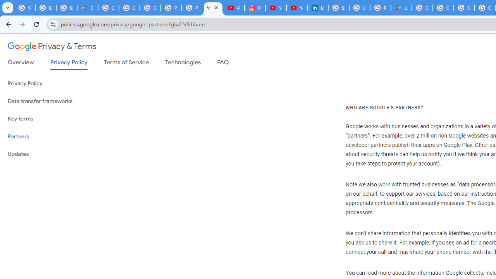 Image resolution: width=496 pixels, height=279 pixels. I want to click on 'Privacy Help Center - Policies Help', so click(192, 8).